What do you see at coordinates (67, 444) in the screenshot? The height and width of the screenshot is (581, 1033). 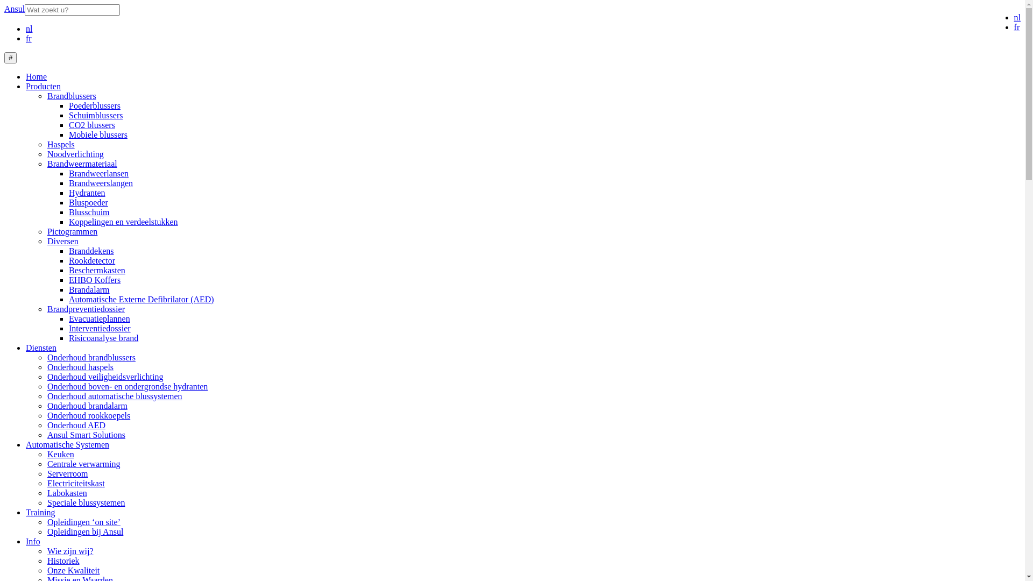 I see `'Automatische Systemen'` at bounding box center [67, 444].